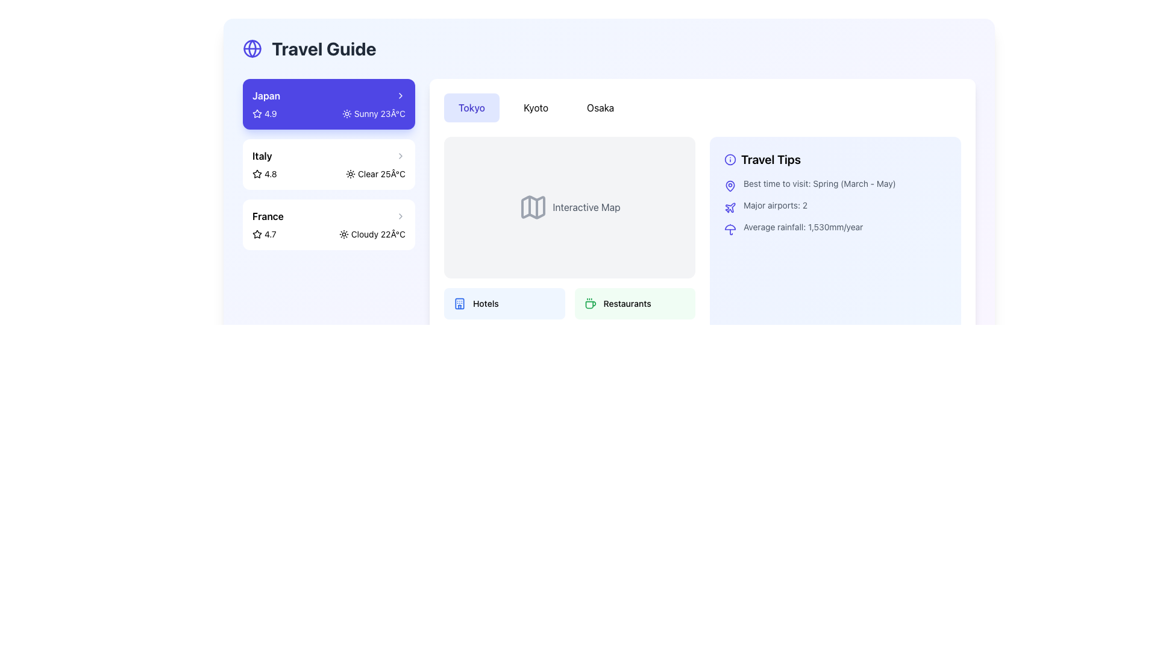  Describe the element at coordinates (377, 234) in the screenshot. I see `the weather conditions and temperature label for the location 'France', which is located in the left sidebar next to a sun icon` at that location.